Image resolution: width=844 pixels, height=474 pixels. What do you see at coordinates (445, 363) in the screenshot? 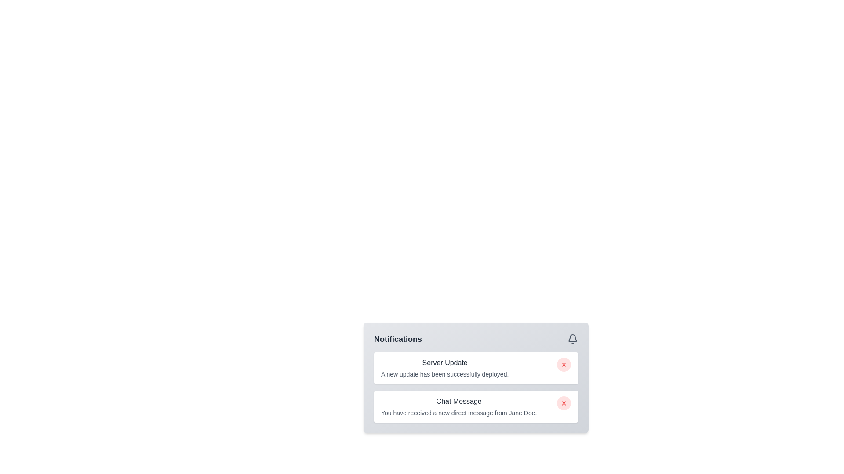
I see `the Text Label that serves as a title for the server update notification, located above the text 'A new update has been successfully deployed.'` at bounding box center [445, 363].